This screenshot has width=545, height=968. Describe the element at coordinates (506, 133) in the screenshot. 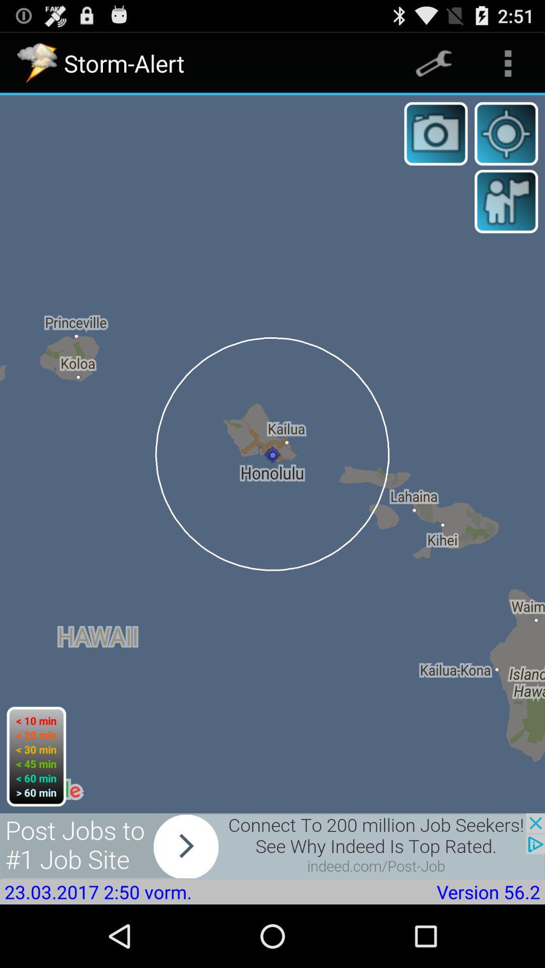

I see `icon right to the camera icon` at that location.